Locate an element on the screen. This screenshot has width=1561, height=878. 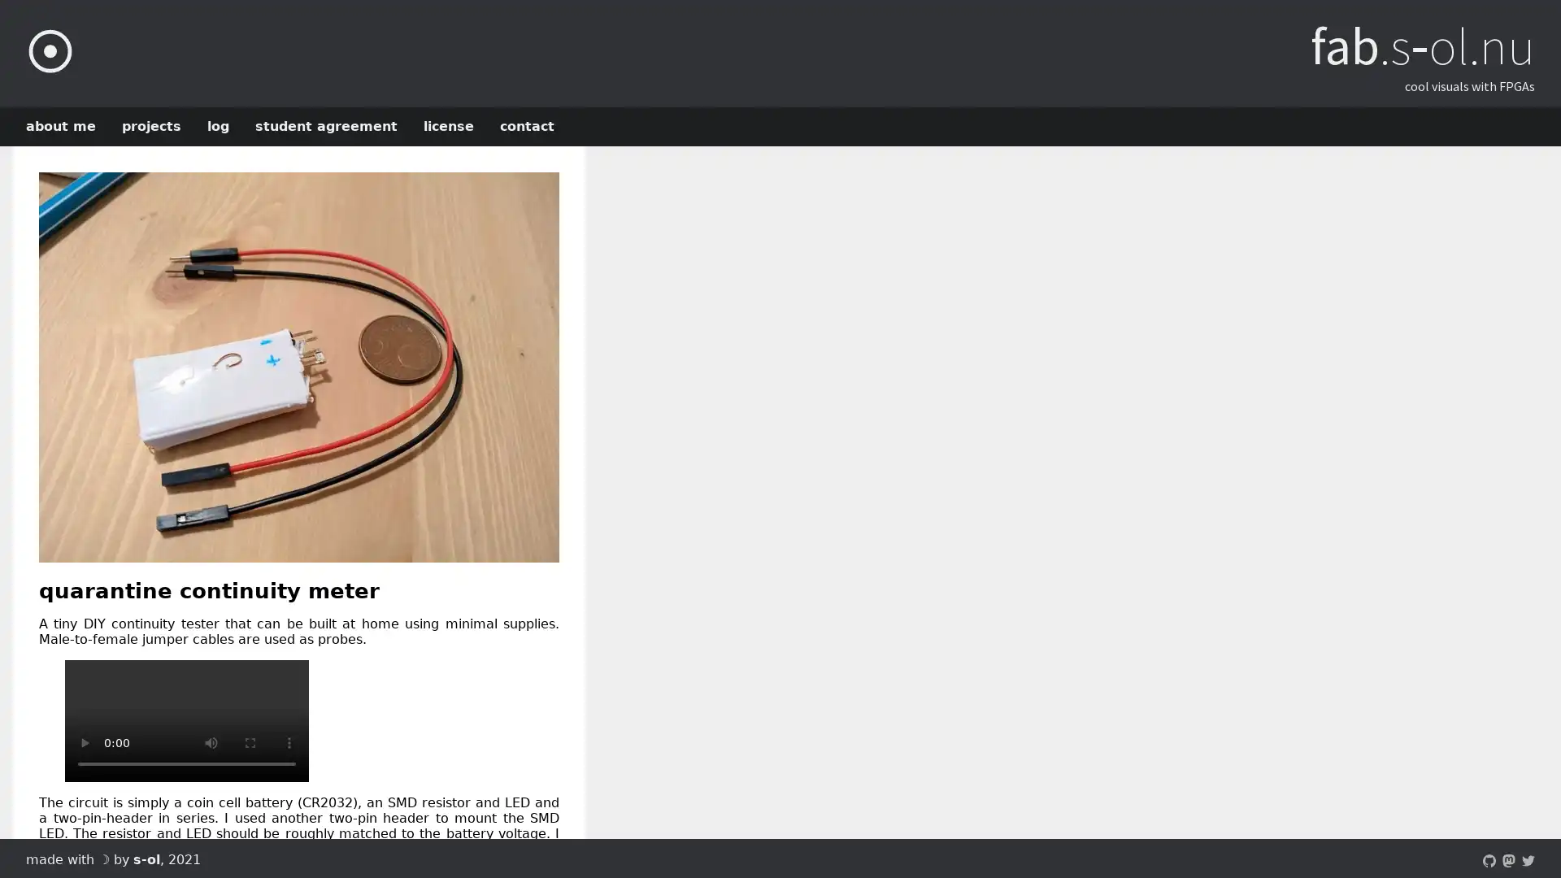
enter full screen is located at coordinates (249, 743).